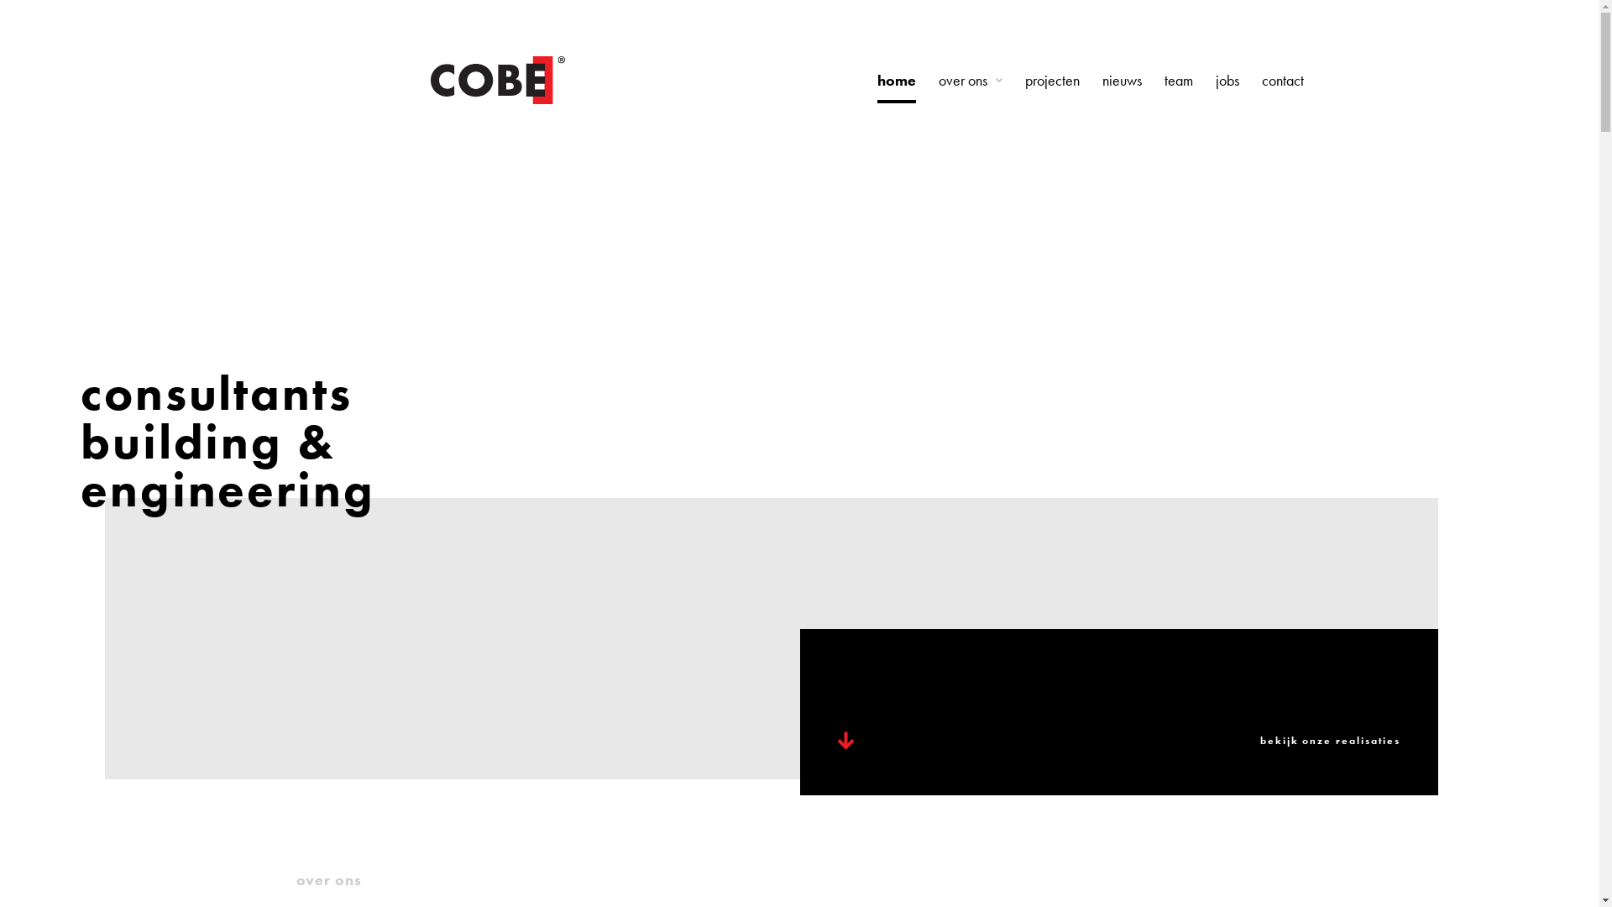 The height and width of the screenshot is (907, 1612). What do you see at coordinates (1118, 712) in the screenshot?
I see `'bekijk onze realisaties'` at bounding box center [1118, 712].